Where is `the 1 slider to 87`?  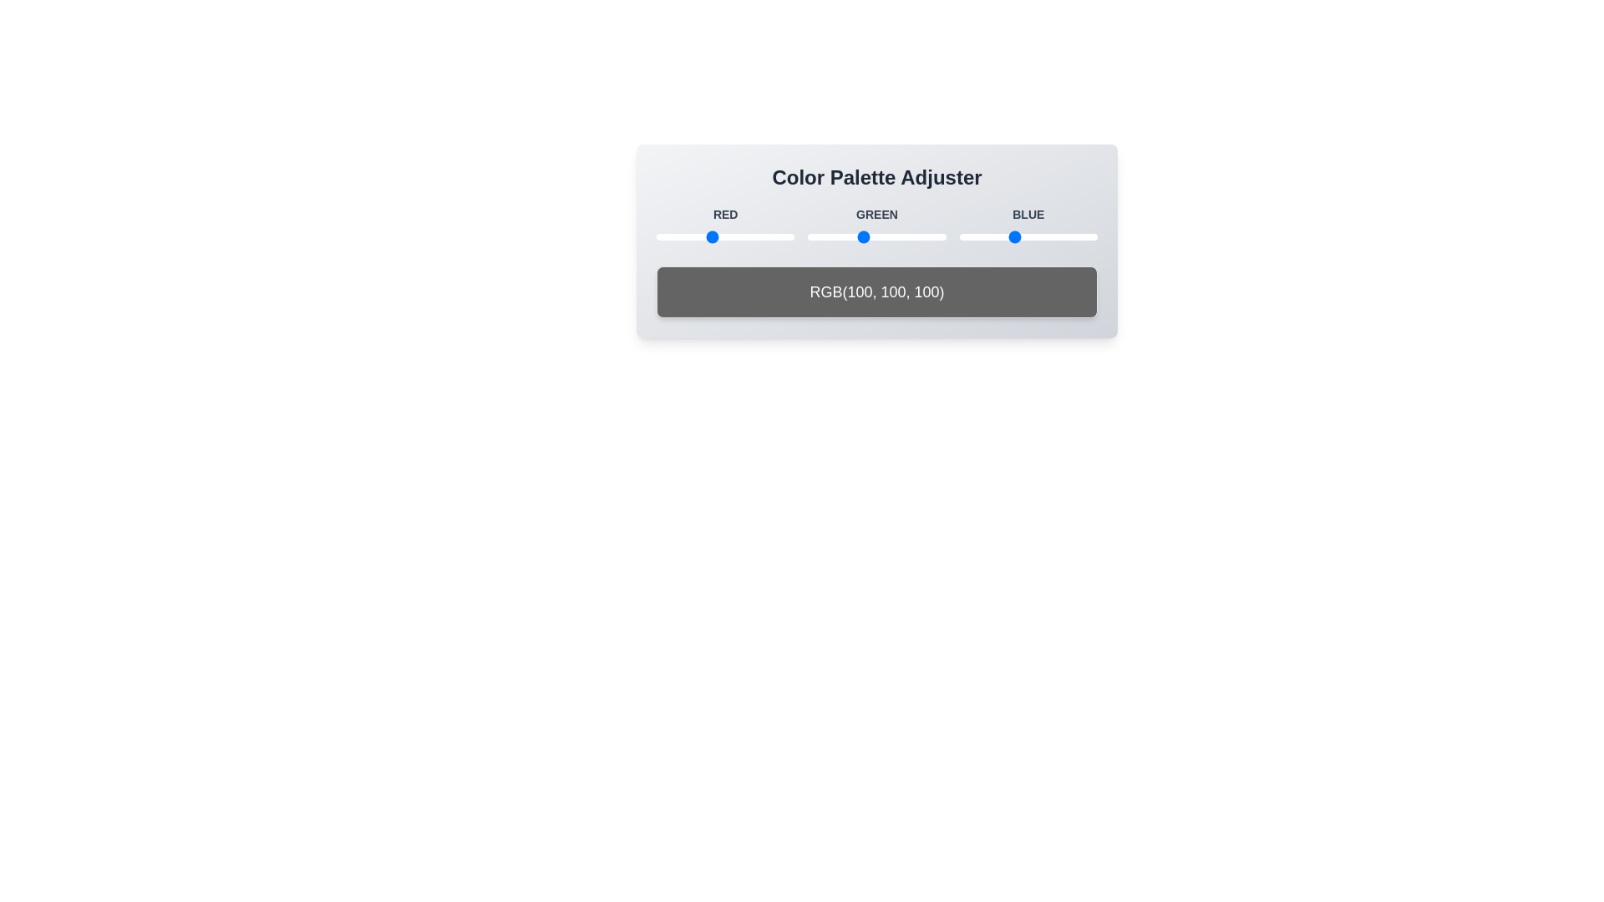
the 1 slider to 87 is located at coordinates (703, 237).